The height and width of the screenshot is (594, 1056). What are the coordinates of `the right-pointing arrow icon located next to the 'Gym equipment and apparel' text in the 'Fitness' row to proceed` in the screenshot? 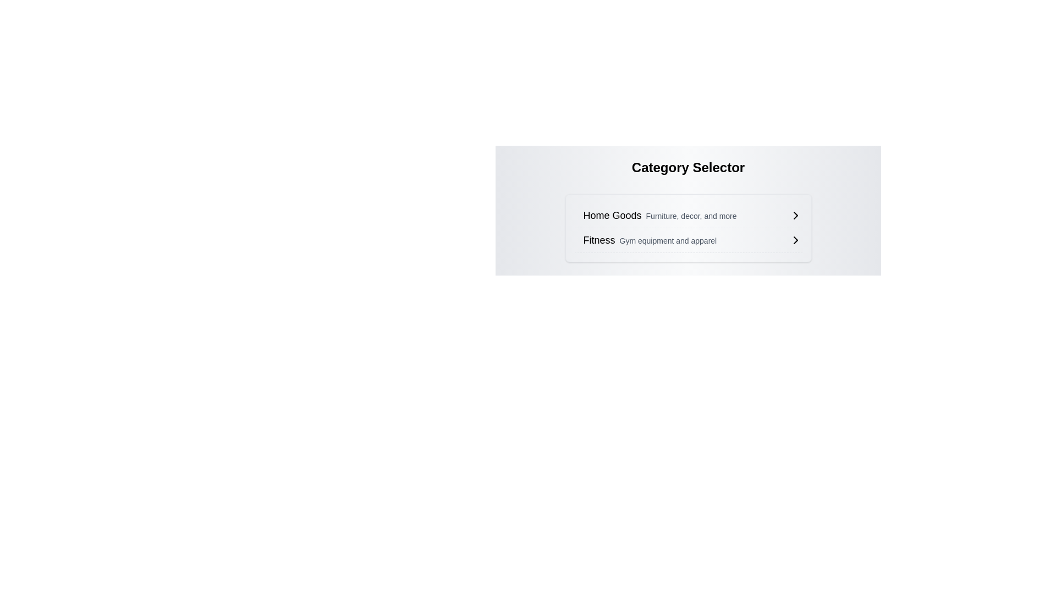 It's located at (795, 239).